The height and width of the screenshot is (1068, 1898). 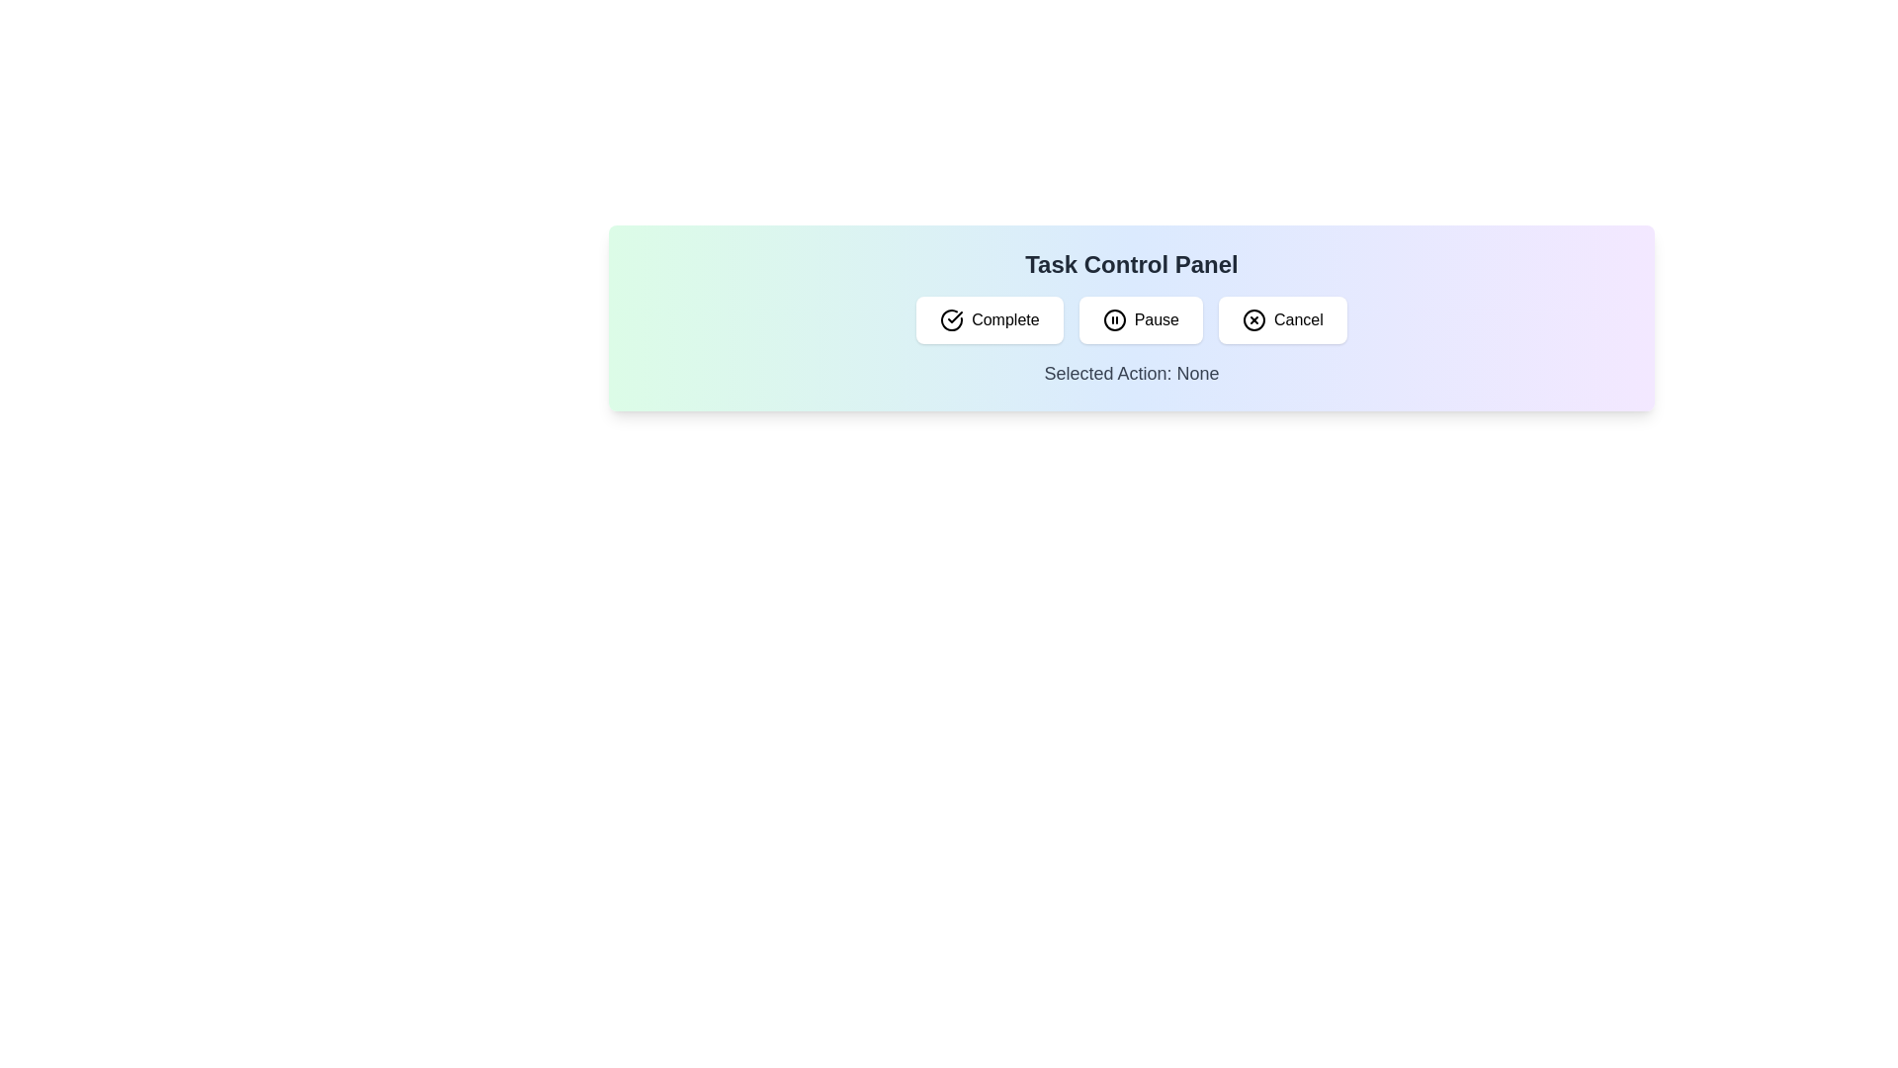 What do you see at coordinates (952, 319) in the screenshot?
I see `the 'Complete' button icon, which visually represents marking tasks as complete, located in the Task Control Panel section` at bounding box center [952, 319].